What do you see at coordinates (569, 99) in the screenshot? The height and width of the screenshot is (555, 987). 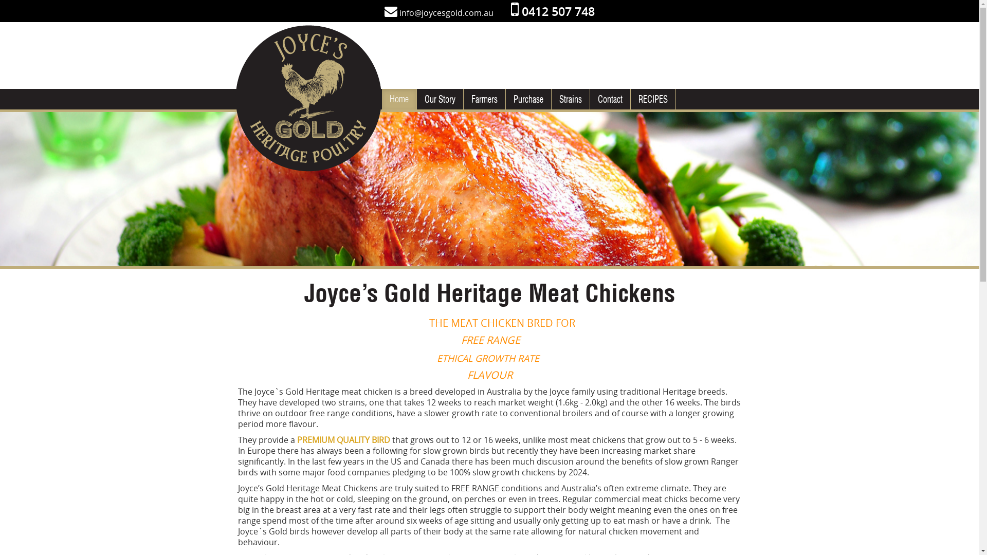 I see `'Strains'` at bounding box center [569, 99].